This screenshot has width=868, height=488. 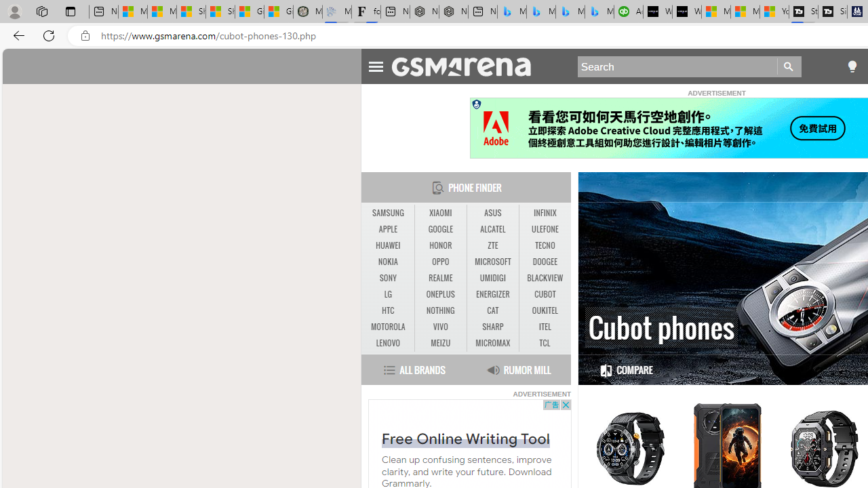 I want to click on 'UMIDIGI', so click(x=492, y=278).